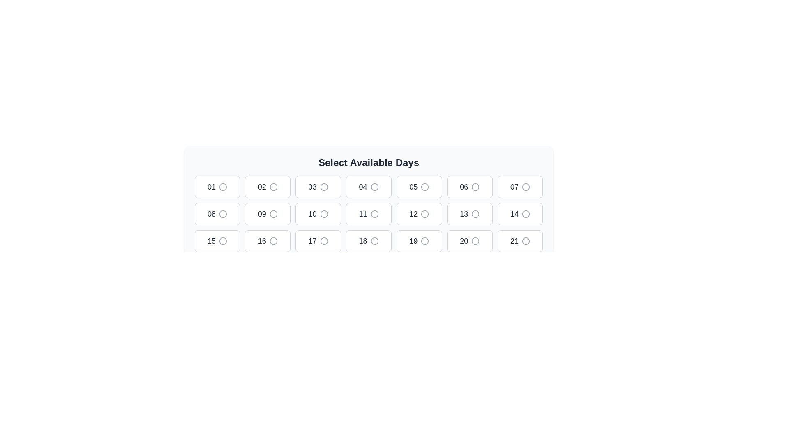  What do you see at coordinates (469, 240) in the screenshot?
I see `the radio button located` at bounding box center [469, 240].